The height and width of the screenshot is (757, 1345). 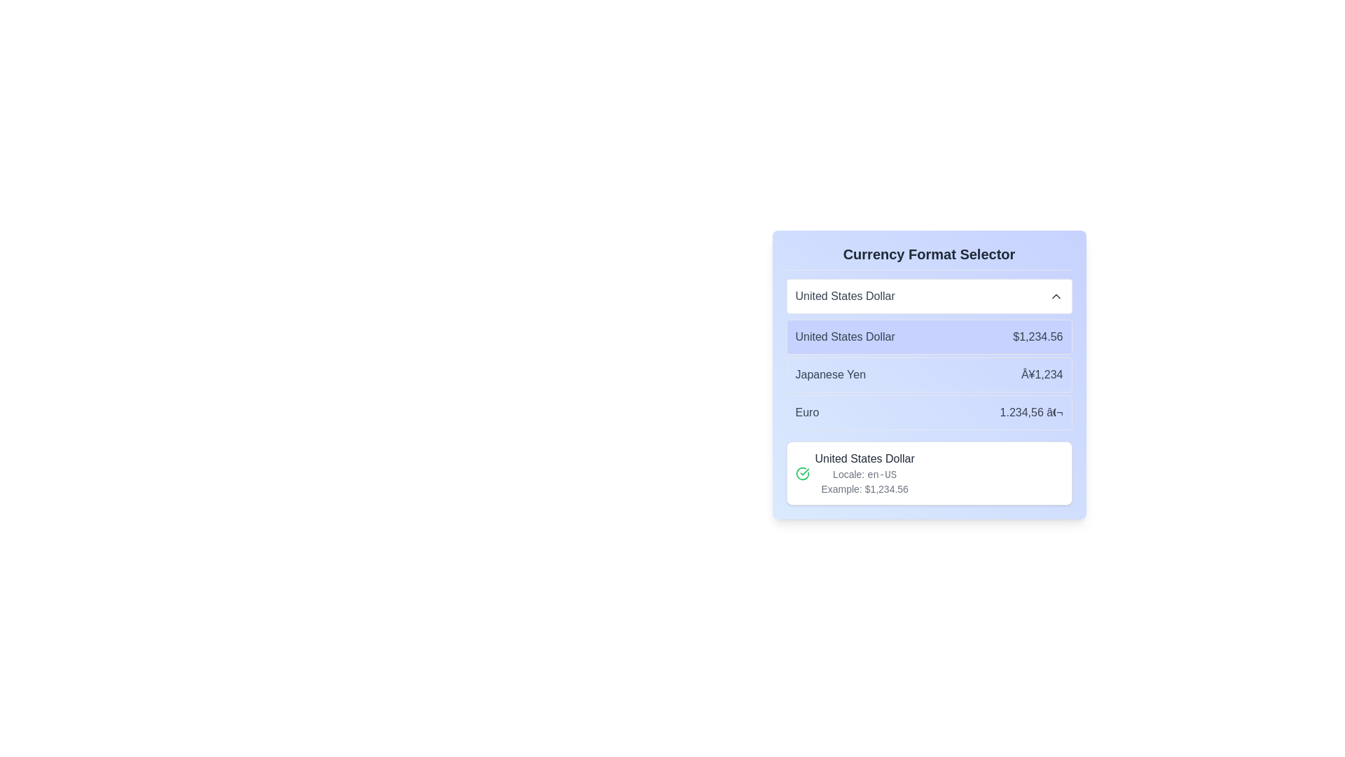 I want to click on the static text displaying '1.234,56 â¬', which is aligned to the right of the 'Euro' label in the third row of currency options, so click(x=1031, y=412).